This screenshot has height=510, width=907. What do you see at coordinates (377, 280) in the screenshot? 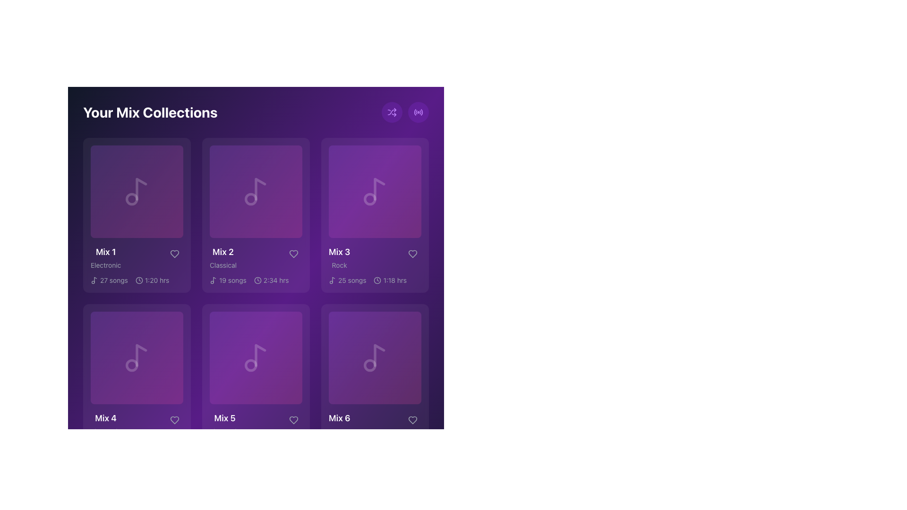
I see `the circular background of the clock icon located within the 'Mix 3' card, which indicates time-related details` at bounding box center [377, 280].